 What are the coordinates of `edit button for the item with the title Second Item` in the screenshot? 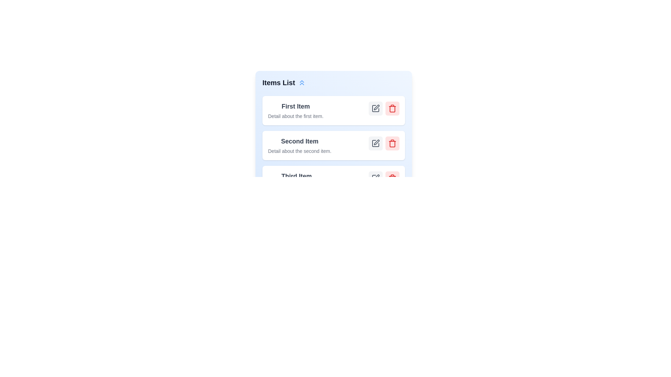 It's located at (375, 143).